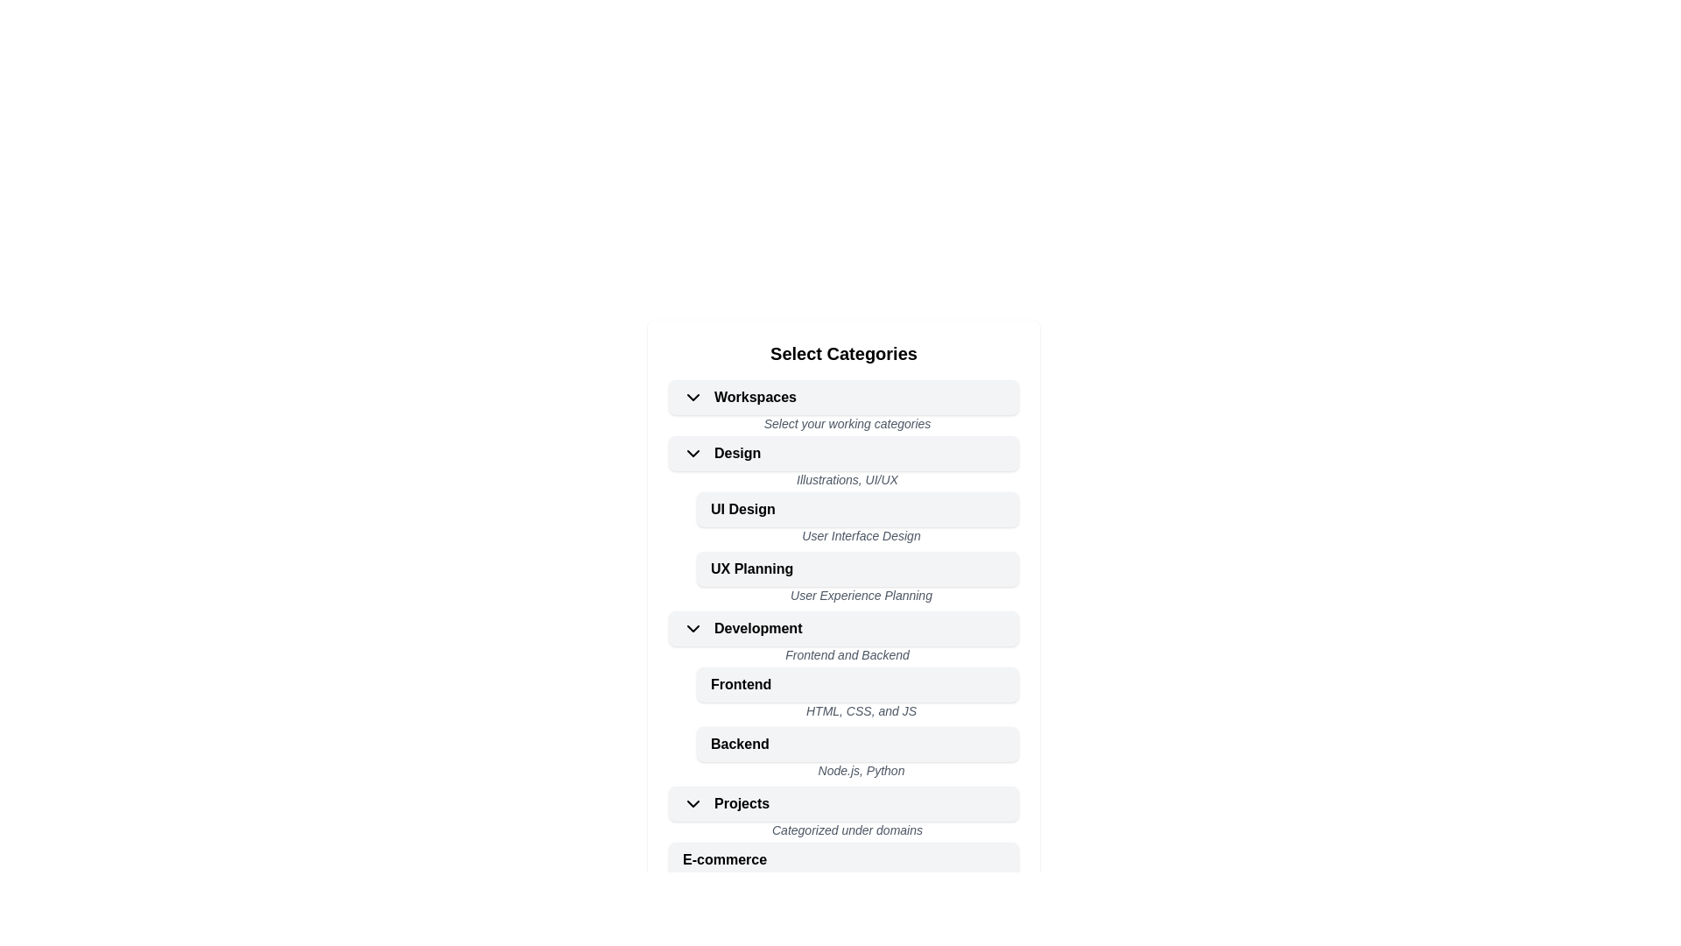 This screenshot has height=946, width=1681. I want to click on the bolded text label displaying 'Workspaces', which is positioned near the top of a vertical list of categories, to the right of a dropdown indicator and aligned with the 'Select Categories' header above, so click(756, 398).